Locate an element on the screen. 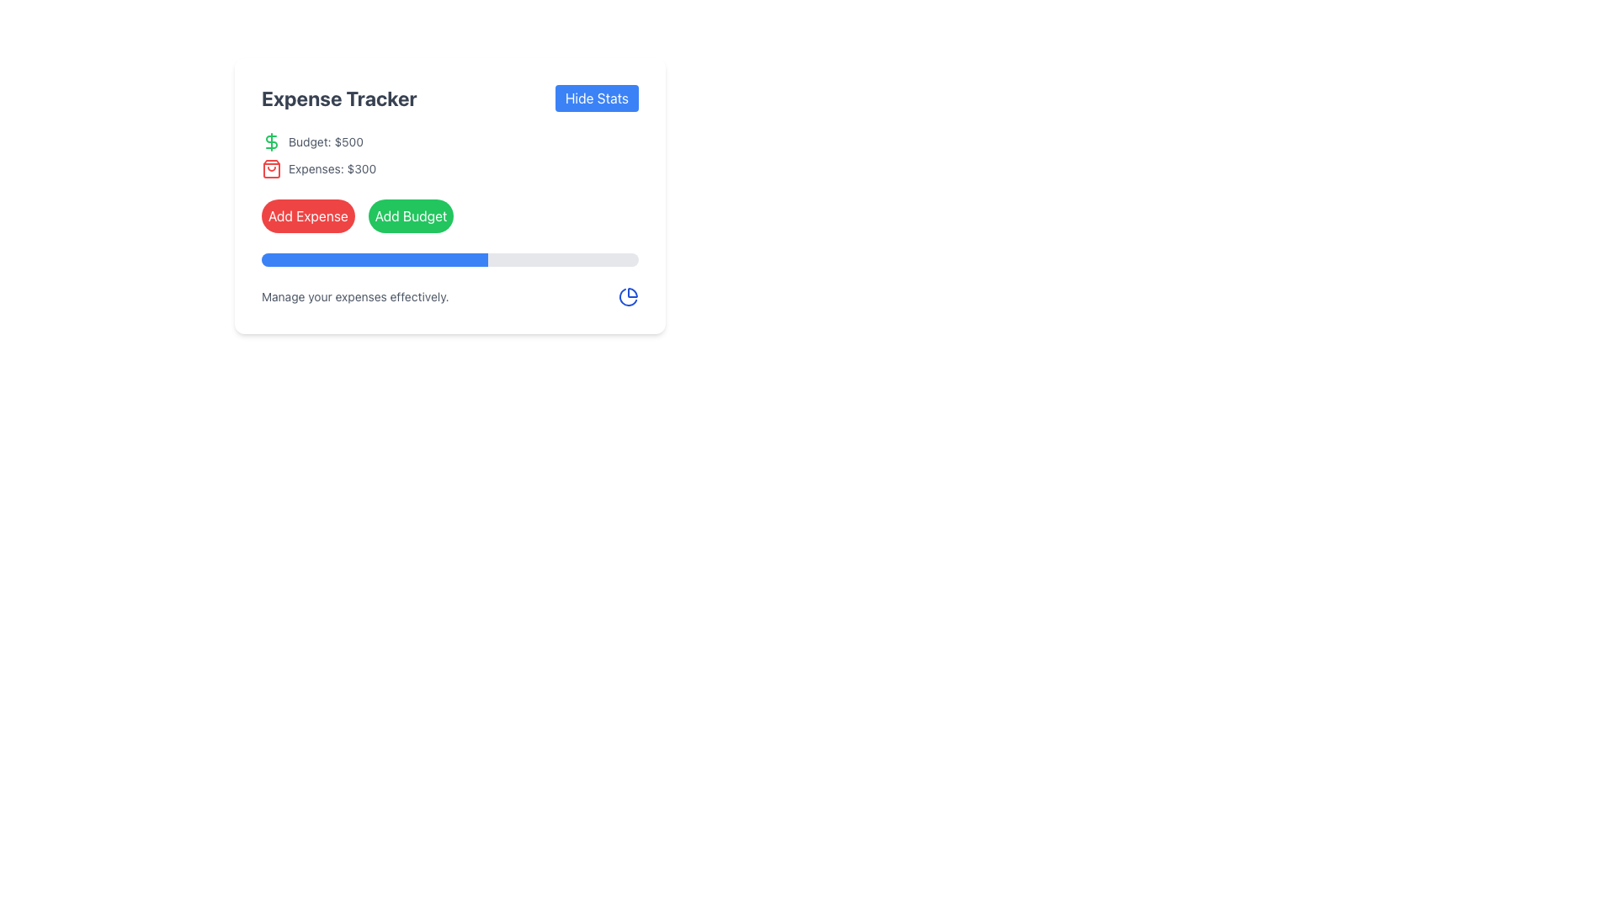  the icons located within the Expense Tracker interface, which is centered in the modal or dashboard section is located at coordinates (449, 194).